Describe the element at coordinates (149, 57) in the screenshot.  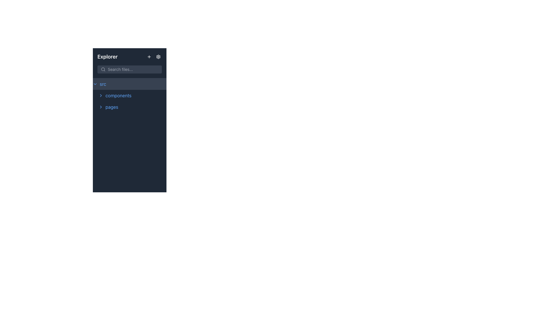
I see `the addition button located in the top-right of the sidebar` at that location.